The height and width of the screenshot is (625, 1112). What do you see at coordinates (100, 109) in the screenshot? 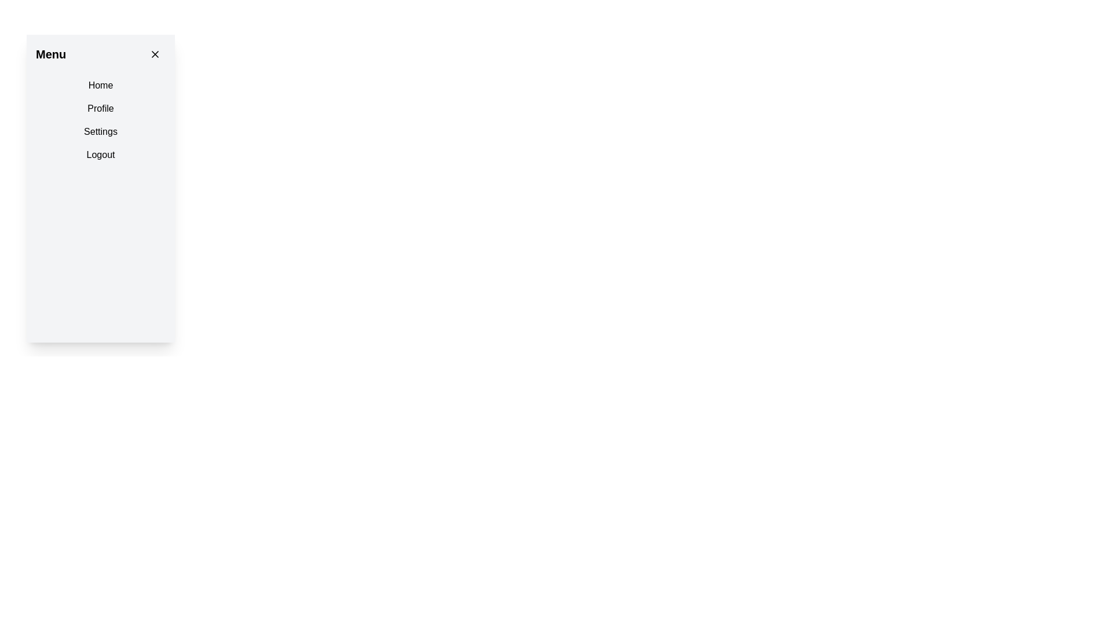
I see `the 'Profile' menu item, which is the second item in the vertical stack of menu options` at bounding box center [100, 109].